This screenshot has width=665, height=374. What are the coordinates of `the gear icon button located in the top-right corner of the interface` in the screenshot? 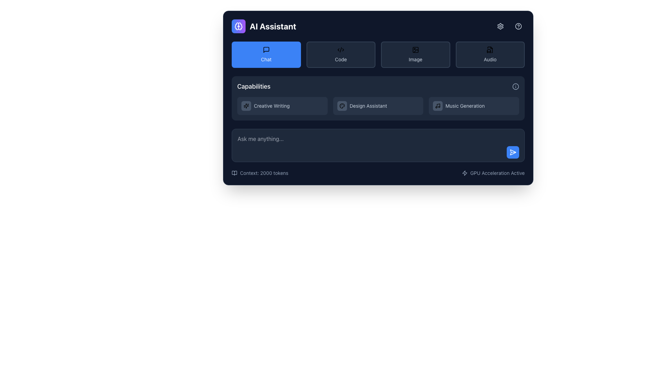 It's located at (500, 26).